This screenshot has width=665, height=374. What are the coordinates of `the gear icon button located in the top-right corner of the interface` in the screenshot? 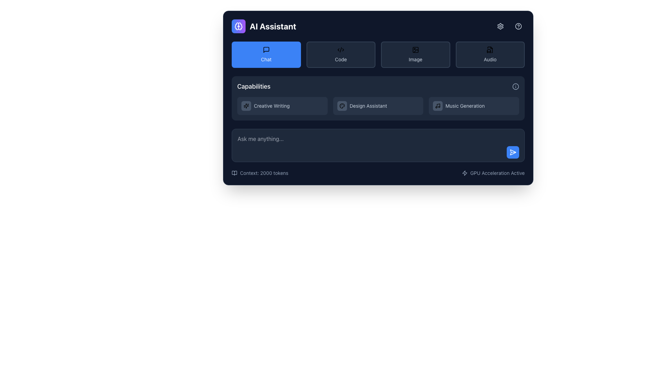 It's located at (500, 26).